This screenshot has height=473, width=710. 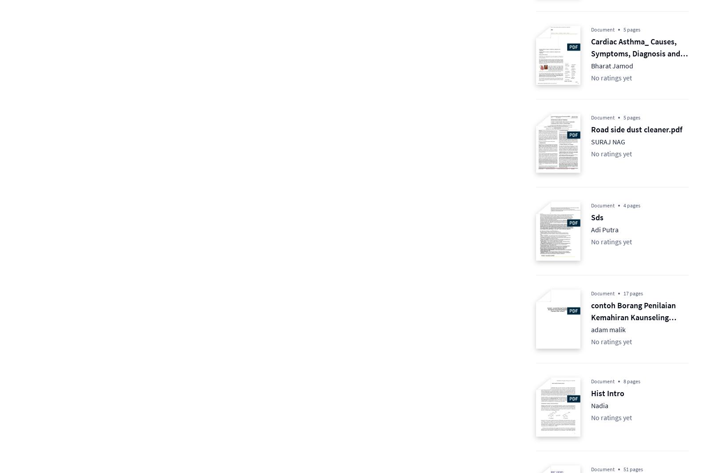 I want to click on '51 pages', so click(x=633, y=469).